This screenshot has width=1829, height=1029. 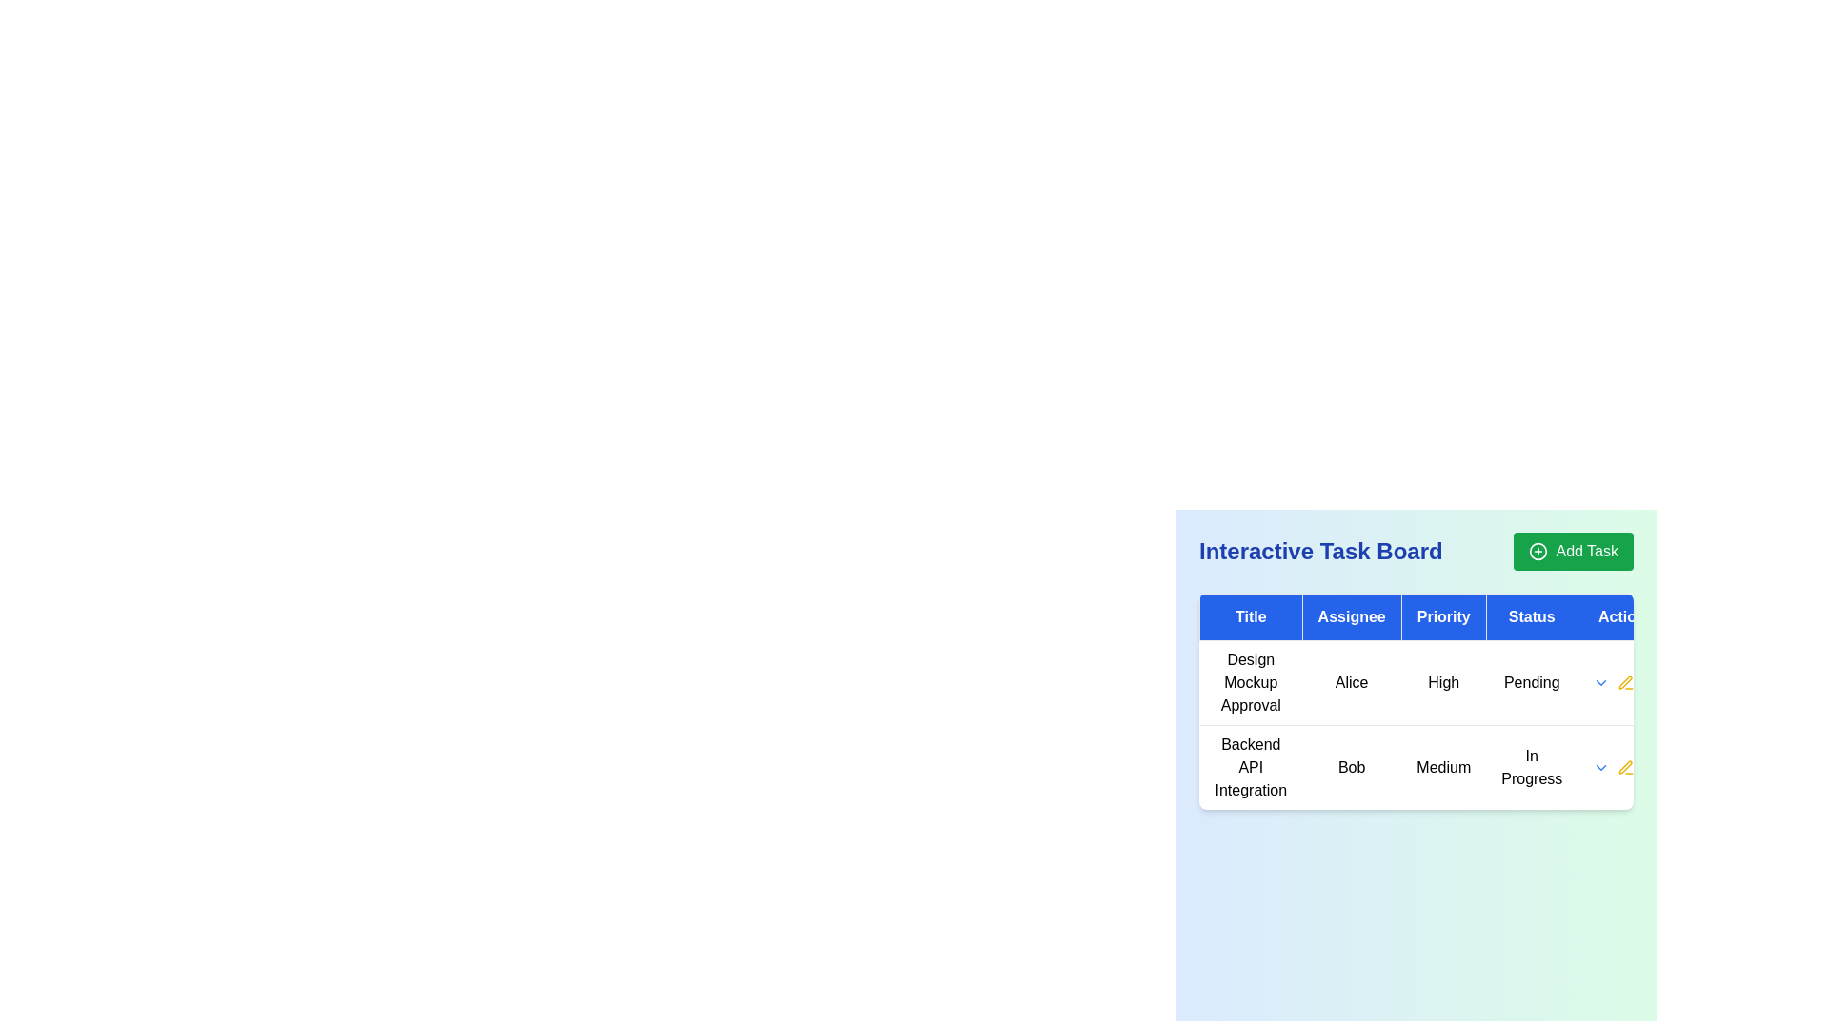 I want to click on the static text label displaying the name 'Bob' in the 'Assignee' column of the second row in the 'Interactive Task Board', so click(x=1351, y=766).